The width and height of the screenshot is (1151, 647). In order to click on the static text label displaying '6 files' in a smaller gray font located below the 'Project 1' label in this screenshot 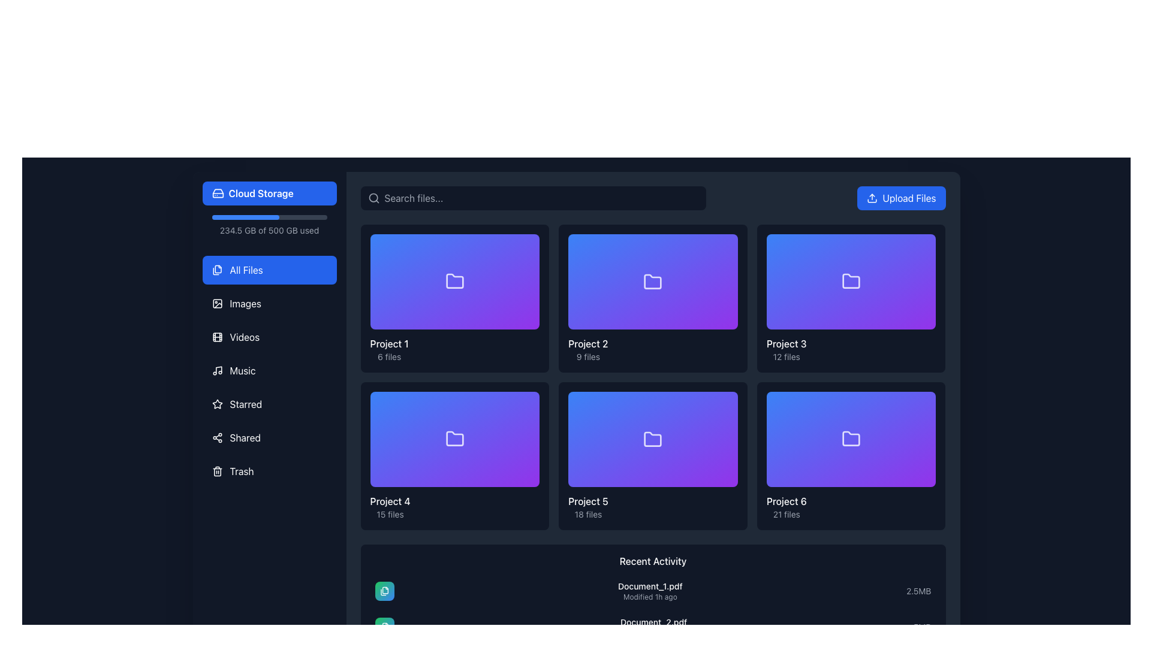, I will do `click(389, 356)`.